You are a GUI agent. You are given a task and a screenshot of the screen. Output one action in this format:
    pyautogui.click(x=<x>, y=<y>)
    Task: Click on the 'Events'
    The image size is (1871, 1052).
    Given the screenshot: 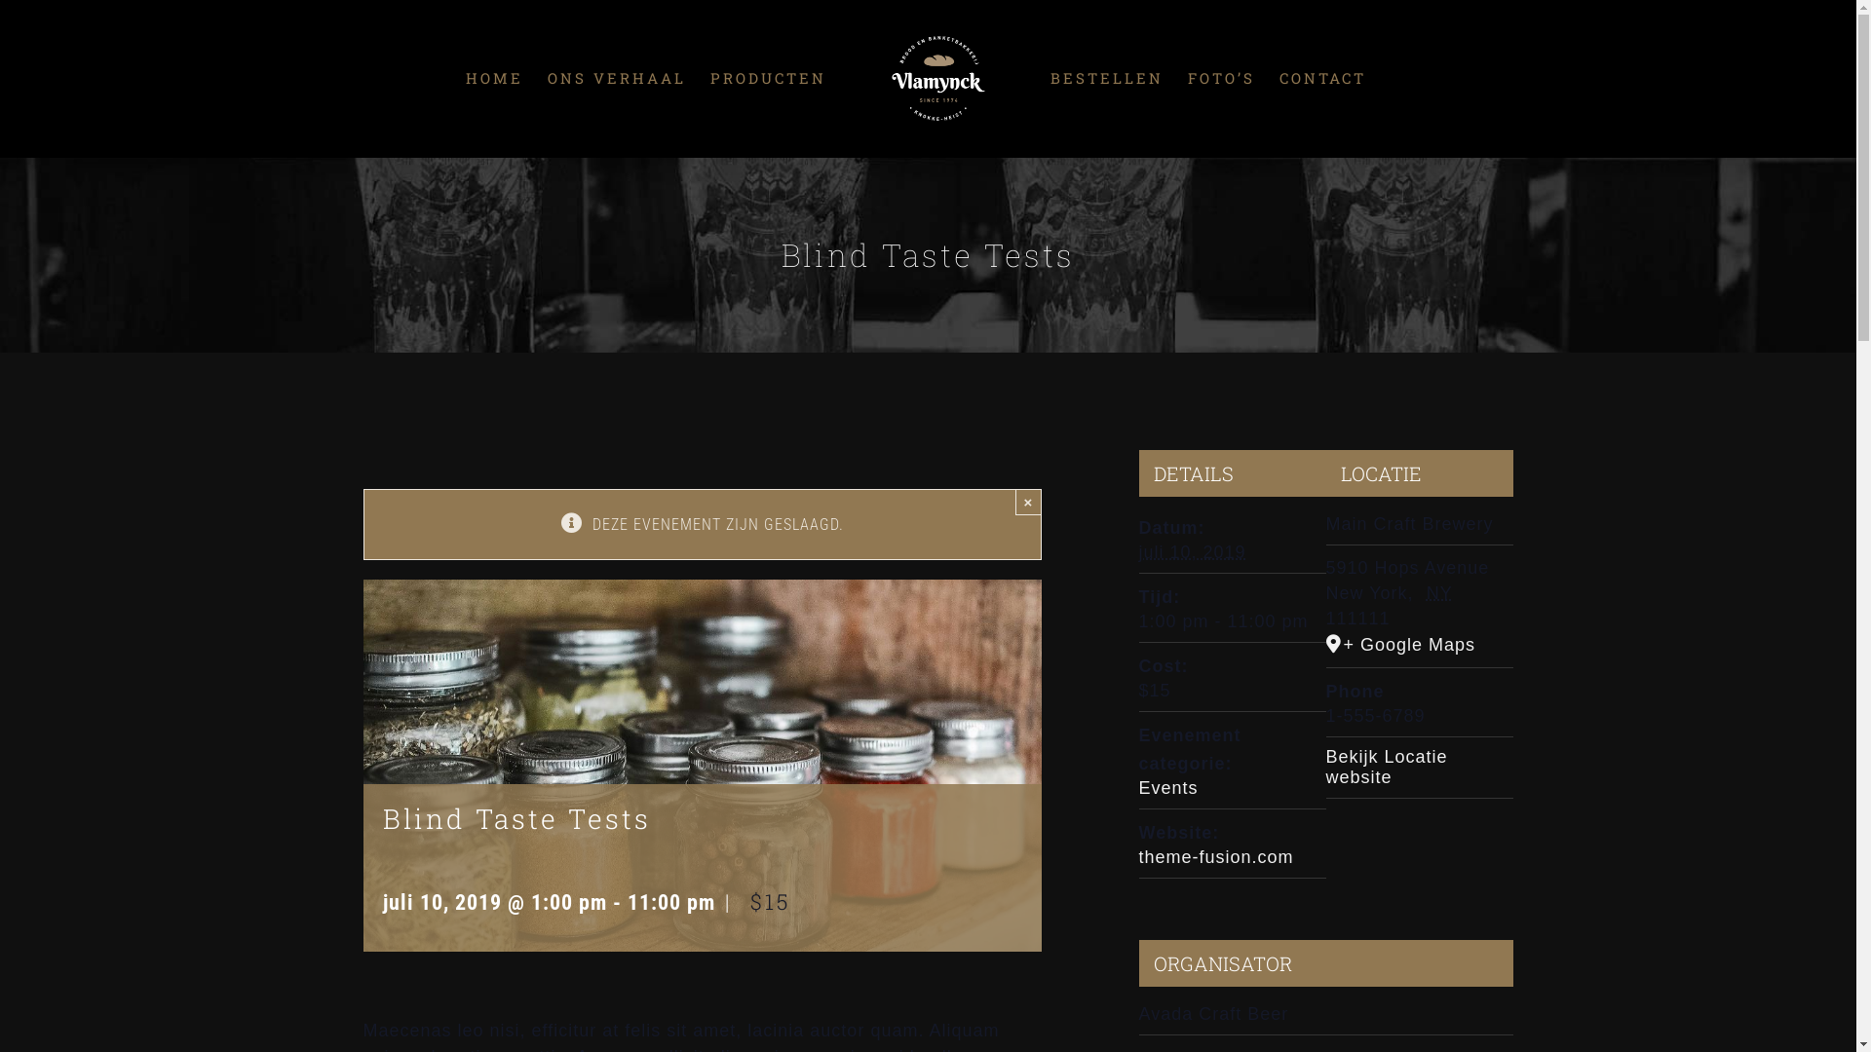 What is the action you would take?
    pyautogui.click(x=1167, y=787)
    